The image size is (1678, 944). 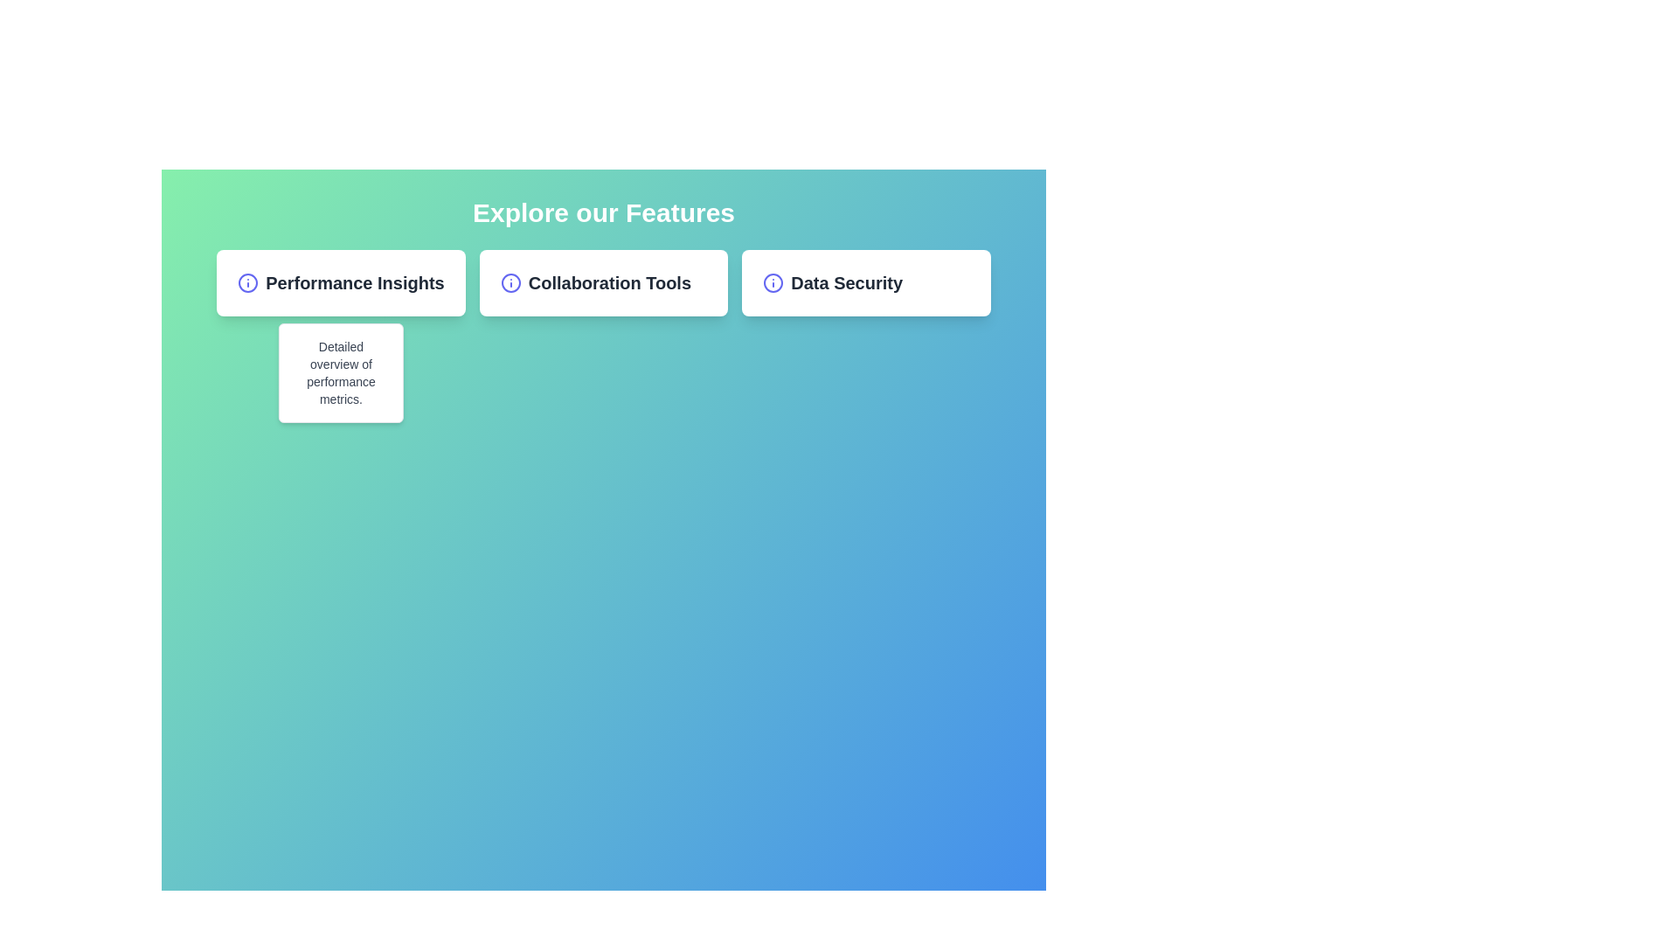 I want to click on headline text that introduces the features section, positioned at the top of the page and centered horizontally above the feature cards, so click(x=604, y=212).